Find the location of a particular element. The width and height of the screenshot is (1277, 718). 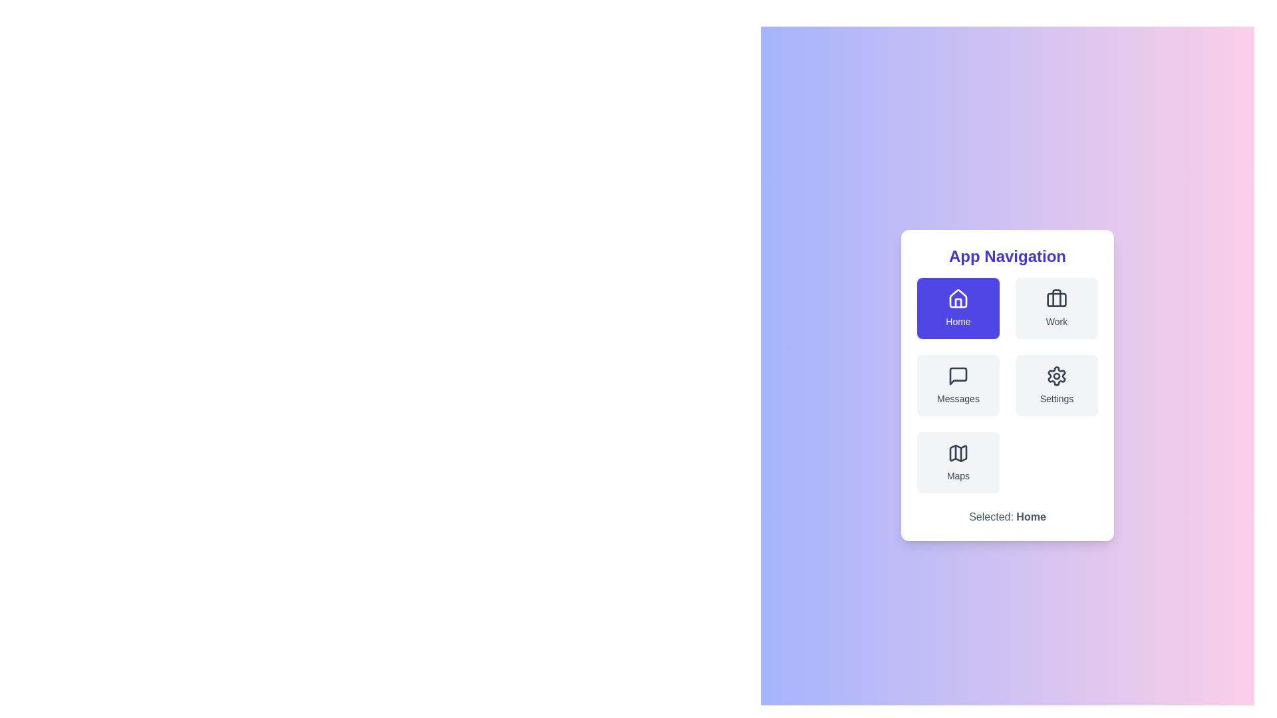

the menu item Work from the available options is located at coordinates (1056, 308).